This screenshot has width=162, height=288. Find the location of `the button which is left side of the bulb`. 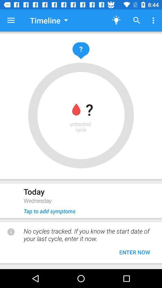

the button which is left side of the bulb is located at coordinates (49, 20).